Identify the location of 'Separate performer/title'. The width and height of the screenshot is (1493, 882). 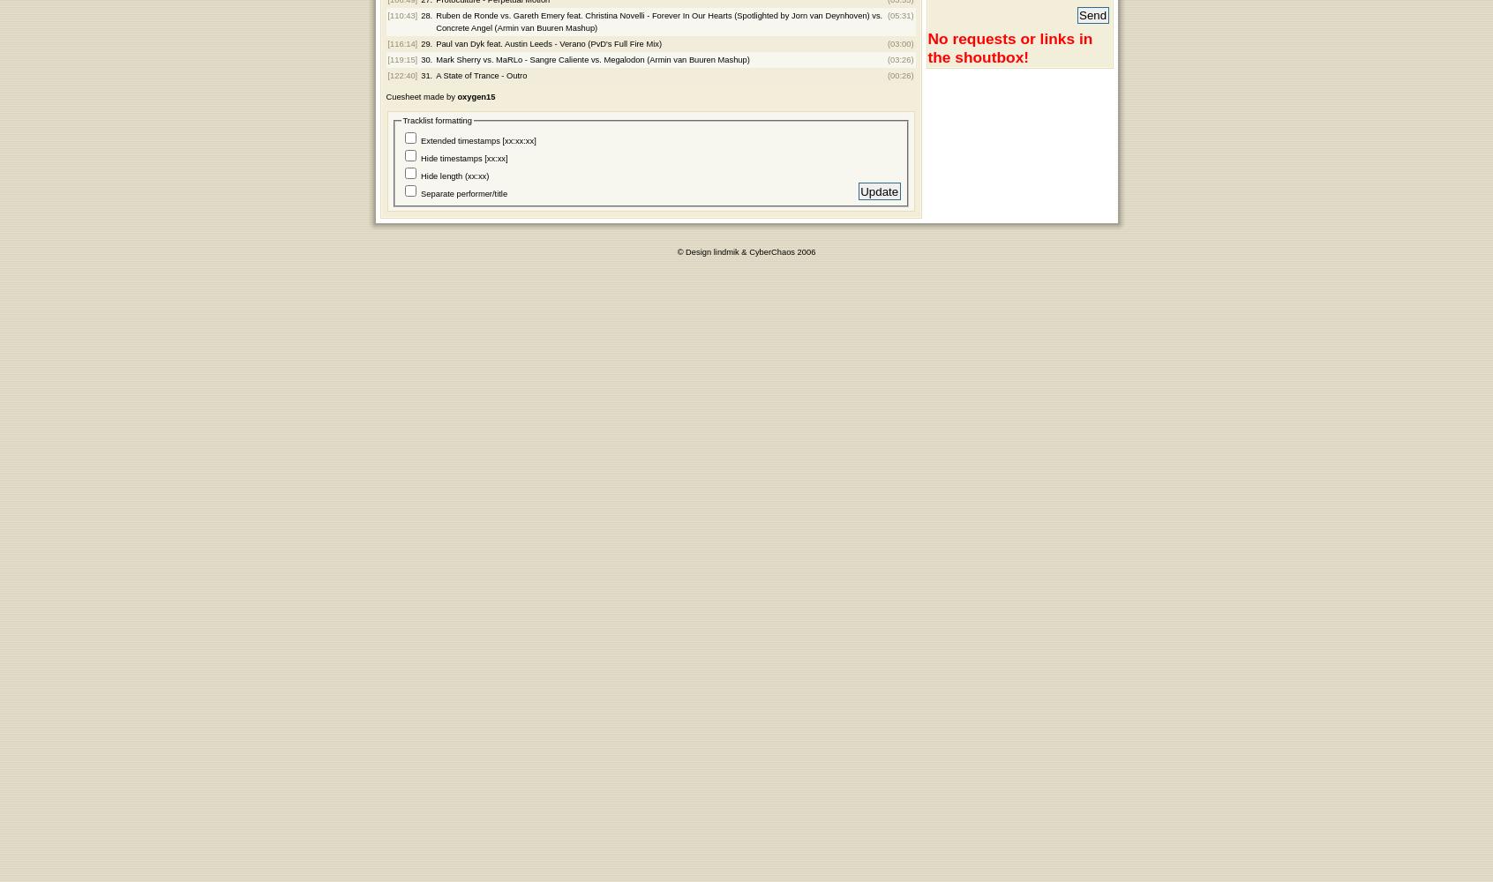
(464, 193).